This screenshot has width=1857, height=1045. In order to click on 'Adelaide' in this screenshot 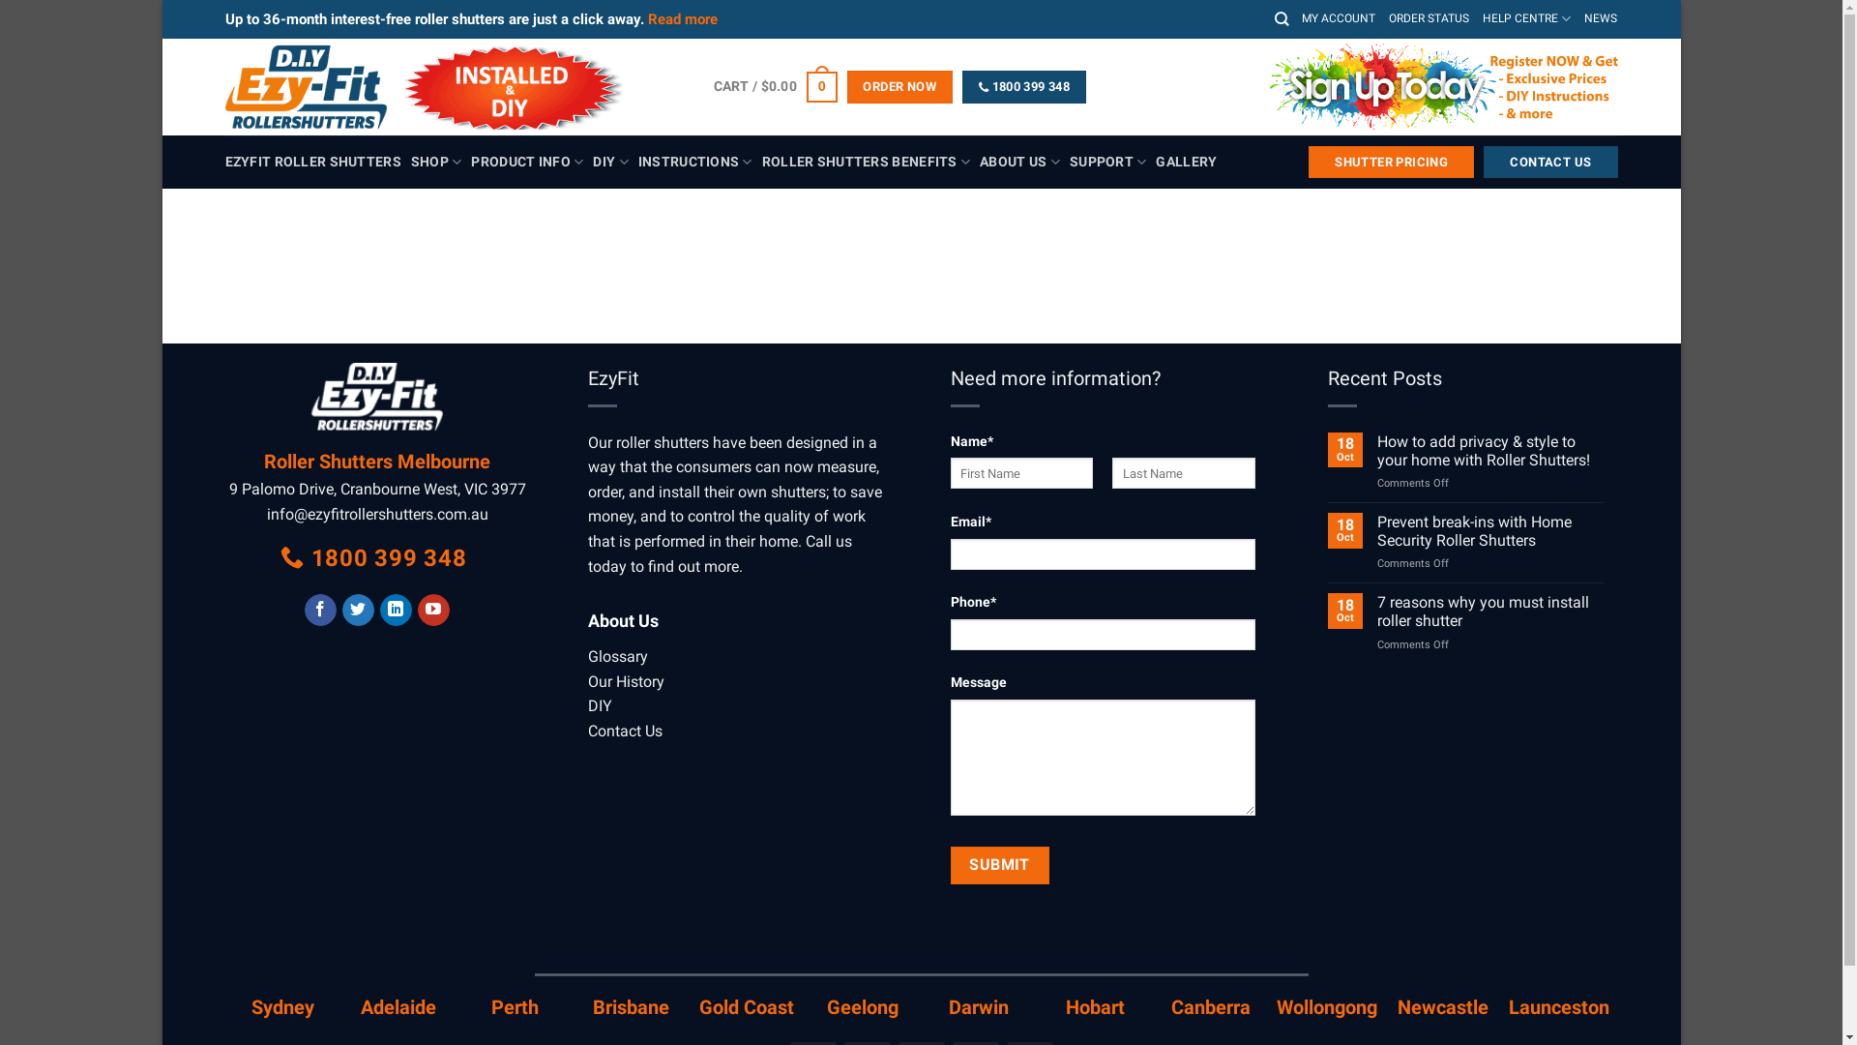, I will do `click(398, 1006)`.